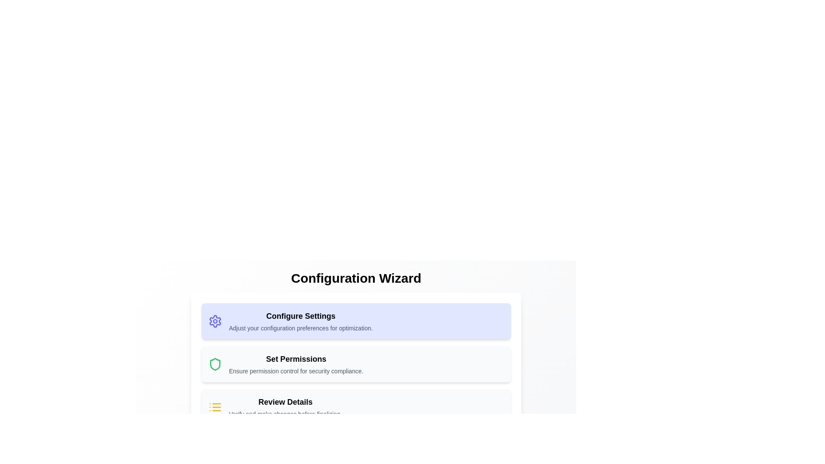 The image size is (825, 464). What do you see at coordinates (217, 448) in the screenshot?
I see `the checkmark icon that is styled with a purple color gradient and is positioned to the left of textual descriptions, as part of the UI` at bounding box center [217, 448].